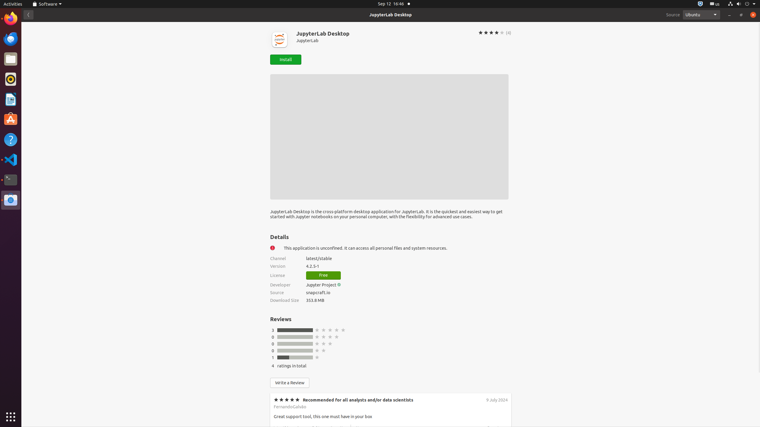 Image resolution: width=760 pixels, height=427 pixels. I want to click on 'Firefox Web Browser', so click(11, 18).